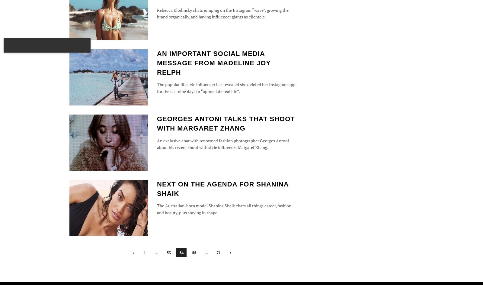  Describe the element at coordinates (224, 209) in the screenshot. I see `'The Australian-born model Shanina Shaik chats all things career, fashion and beauty, plus staying in shape...'` at that location.